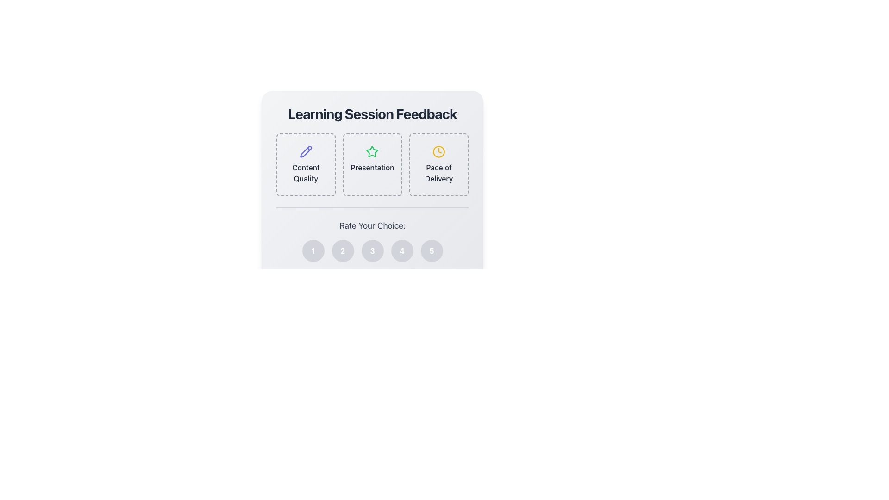 The width and height of the screenshot is (889, 500). I want to click on the second button in the rating selection row, so click(342, 251).